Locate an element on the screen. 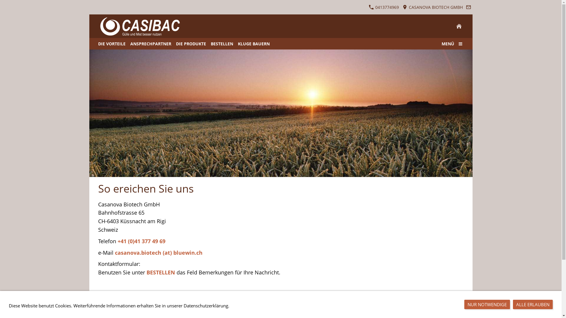 This screenshot has height=318, width=566. 'KLUGE BAUERN' is located at coordinates (253, 43).